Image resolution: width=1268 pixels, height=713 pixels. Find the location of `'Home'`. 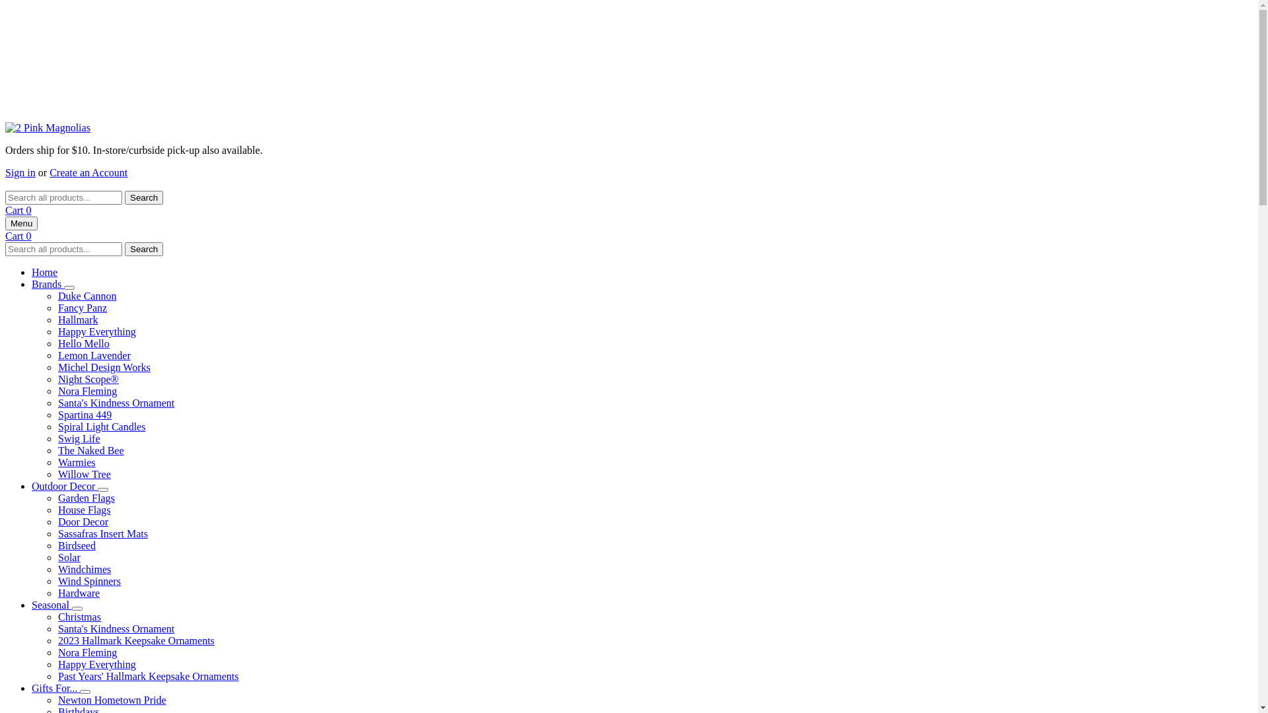

'Home' is located at coordinates (44, 271).